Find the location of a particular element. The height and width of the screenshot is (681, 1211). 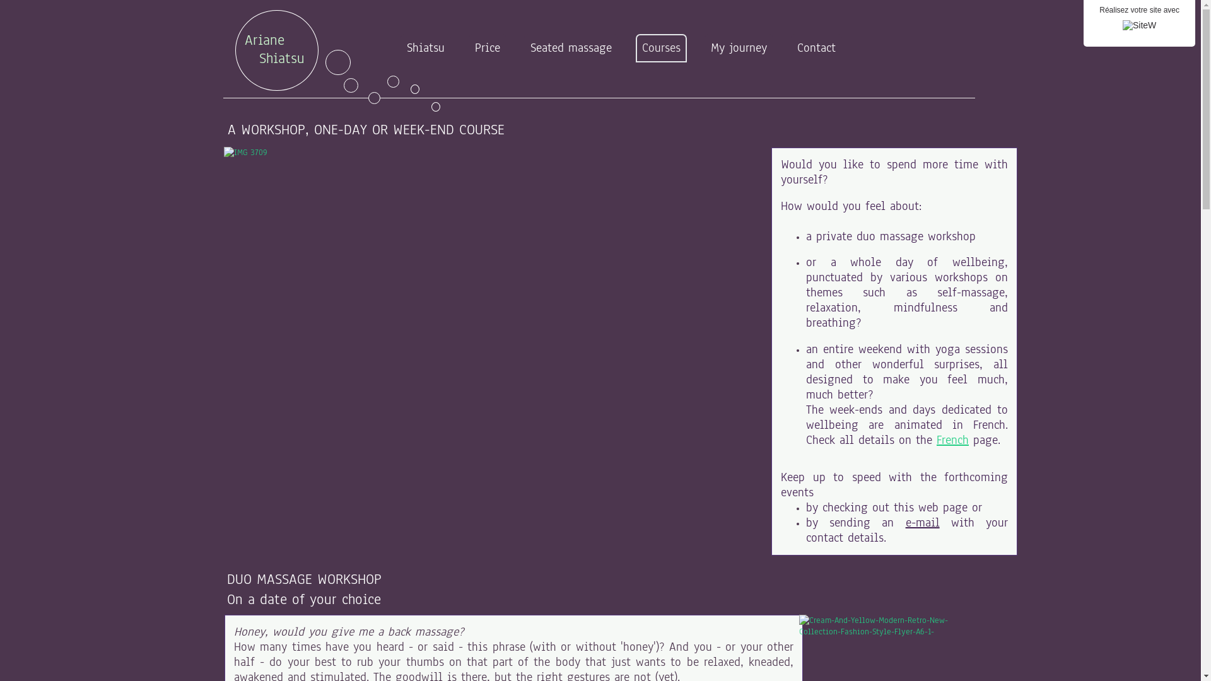

'Shiatsu' is located at coordinates (426, 47).